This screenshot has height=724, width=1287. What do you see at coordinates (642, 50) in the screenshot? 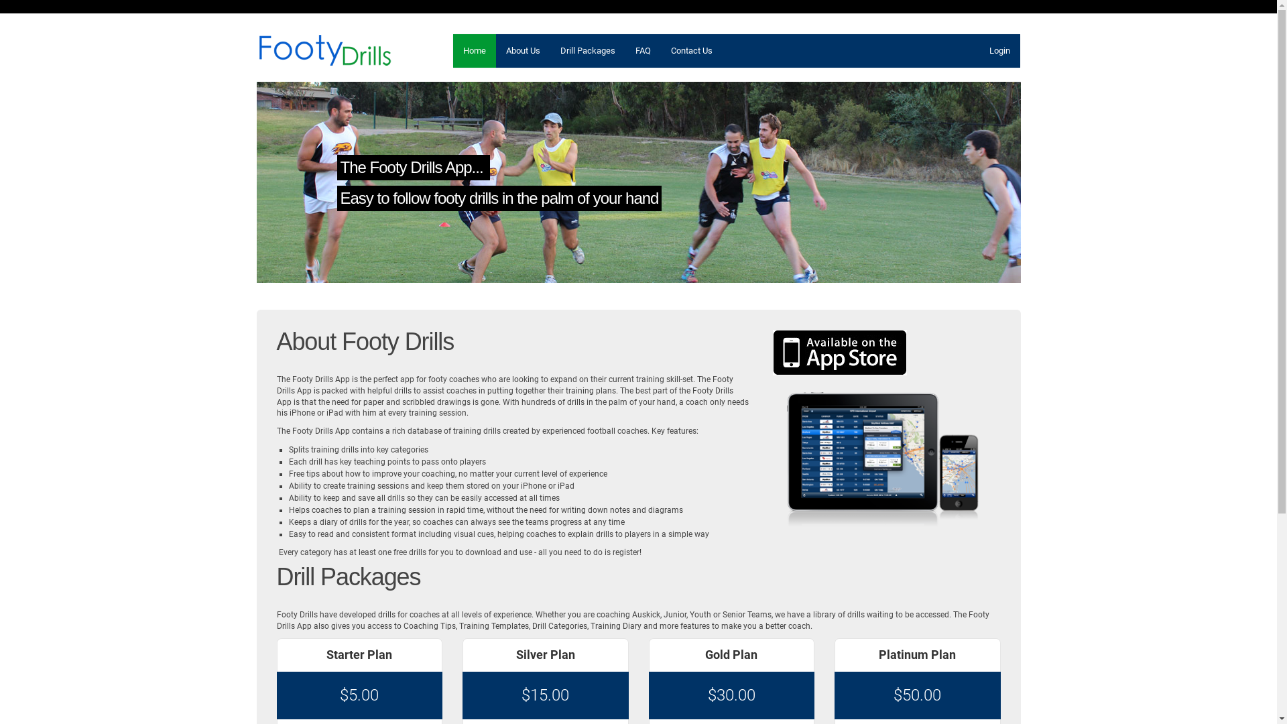
I see `'FAQ'` at bounding box center [642, 50].